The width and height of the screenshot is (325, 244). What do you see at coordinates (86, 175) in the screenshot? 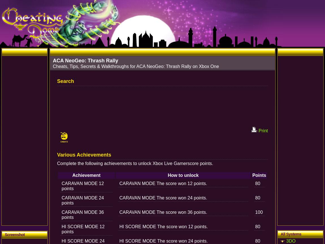
I see `'Achievement'` at bounding box center [86, 175].